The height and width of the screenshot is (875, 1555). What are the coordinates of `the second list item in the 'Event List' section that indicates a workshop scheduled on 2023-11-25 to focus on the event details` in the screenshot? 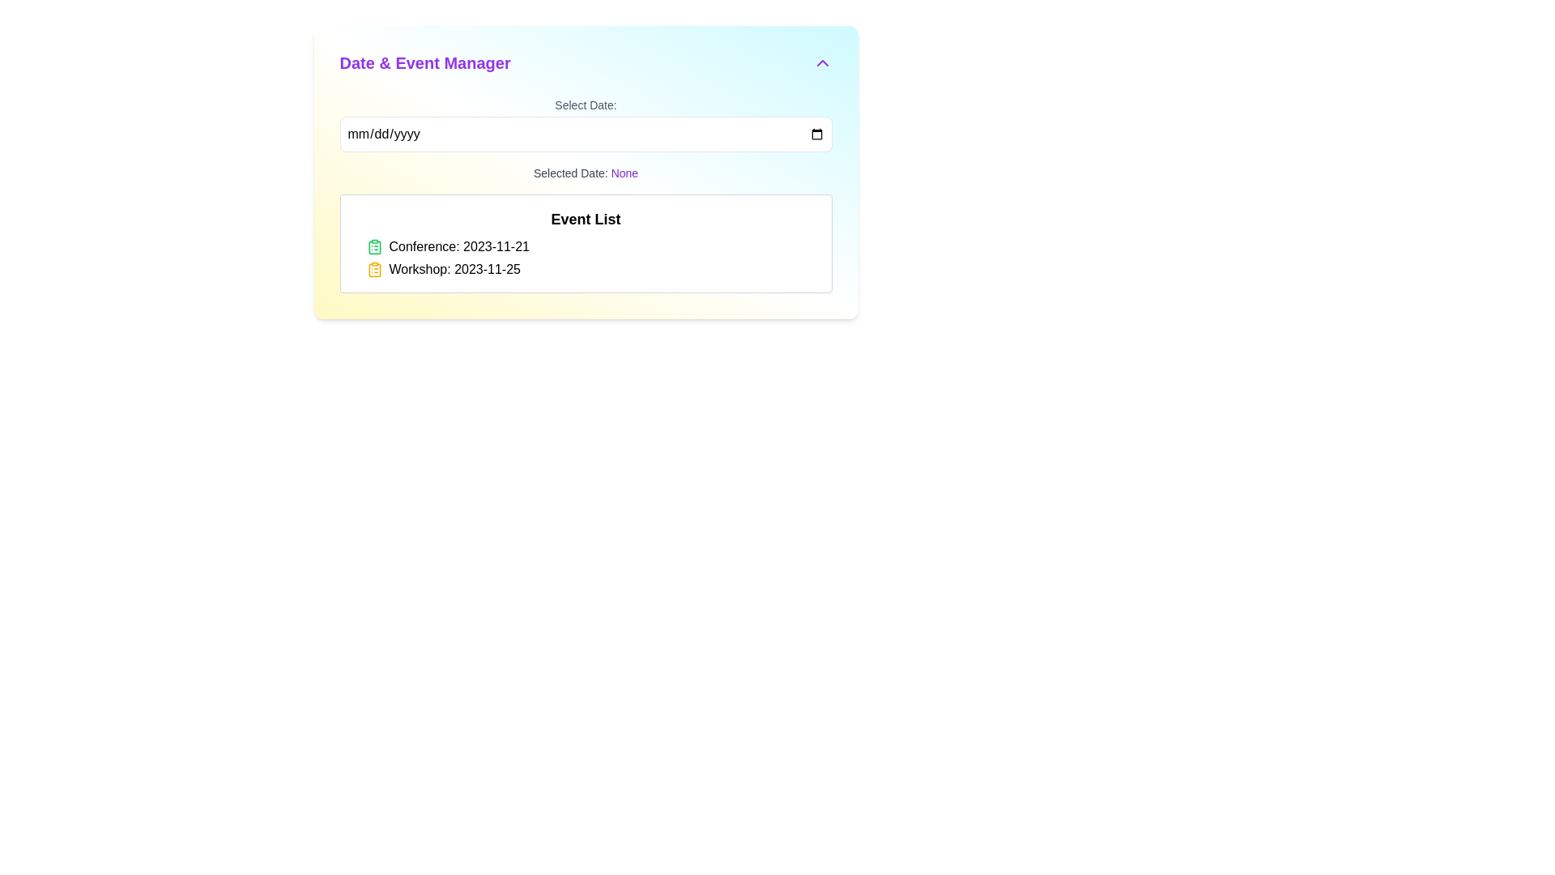 It's located at (591, 268).